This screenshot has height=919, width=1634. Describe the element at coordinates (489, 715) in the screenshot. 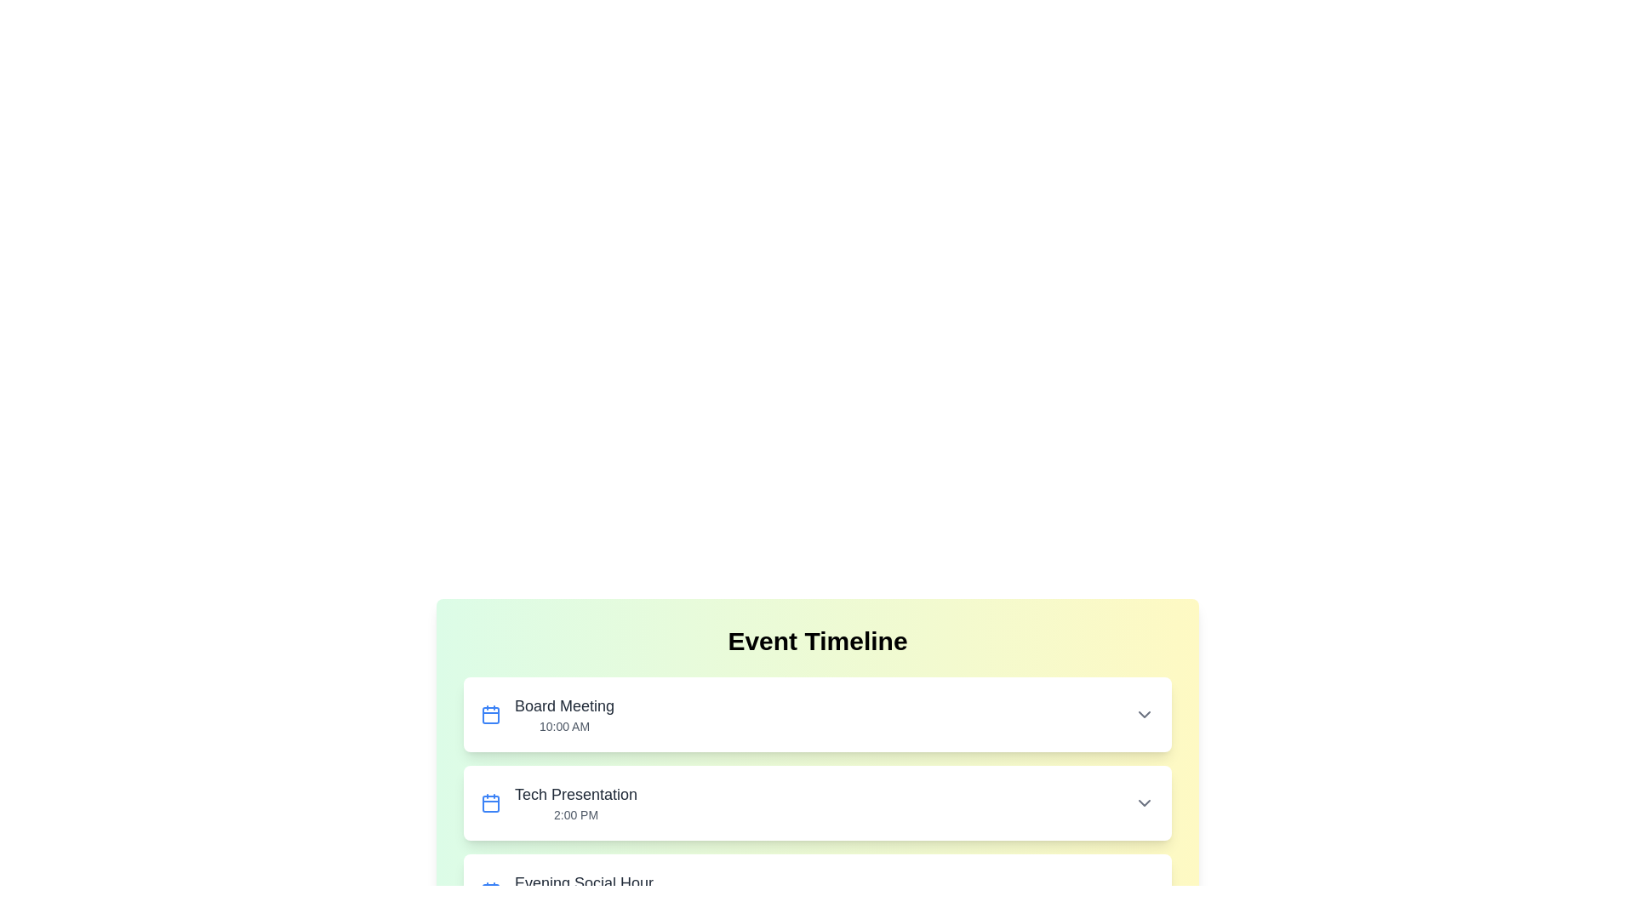

I see `the central rectangle component within the calendar icon that has a blue outline` at that location.